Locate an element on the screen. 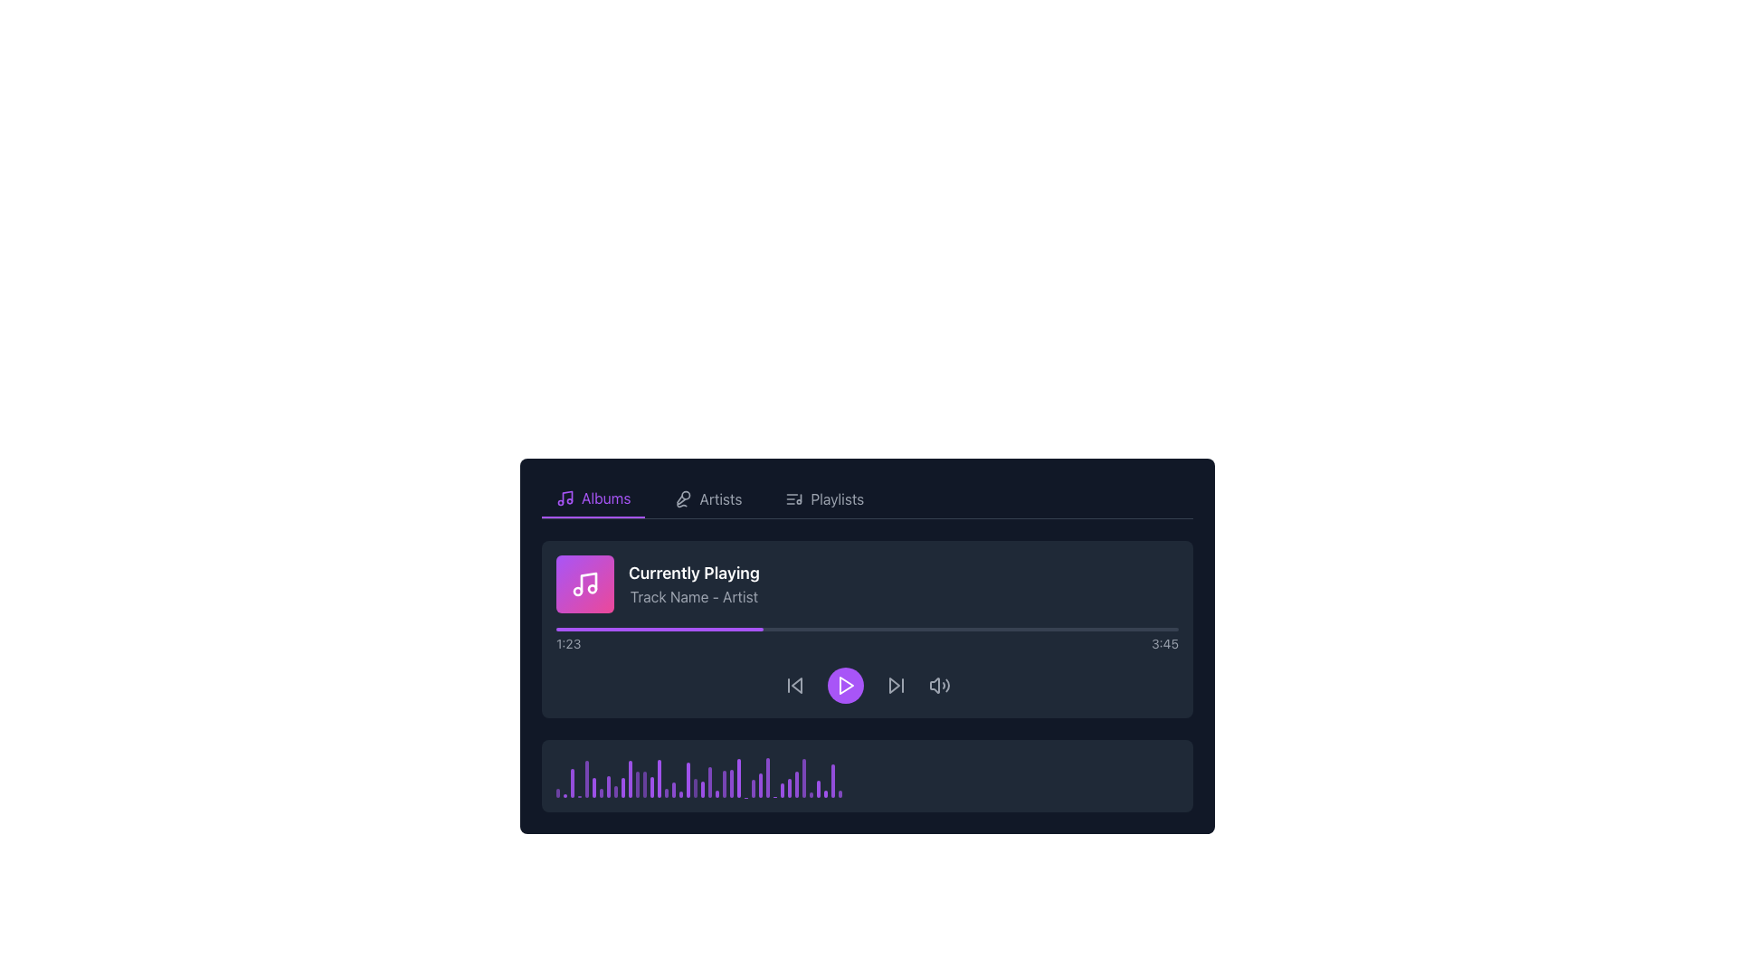  the 16th vertical bar in the audio level visualization of the media player interface is located at coordinates (666, 792).